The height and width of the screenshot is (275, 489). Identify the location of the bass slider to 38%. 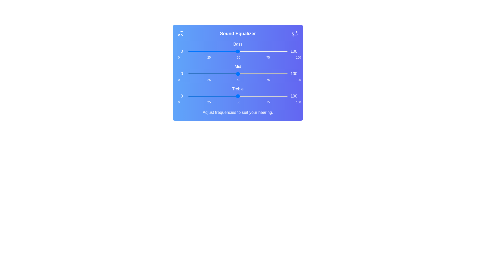
(226, 51).